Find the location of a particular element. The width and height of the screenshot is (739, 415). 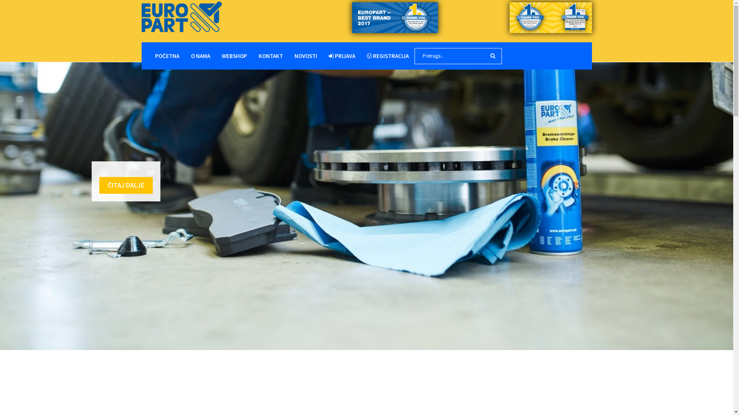

'O NAMA' is located at coordinates (200, 55).